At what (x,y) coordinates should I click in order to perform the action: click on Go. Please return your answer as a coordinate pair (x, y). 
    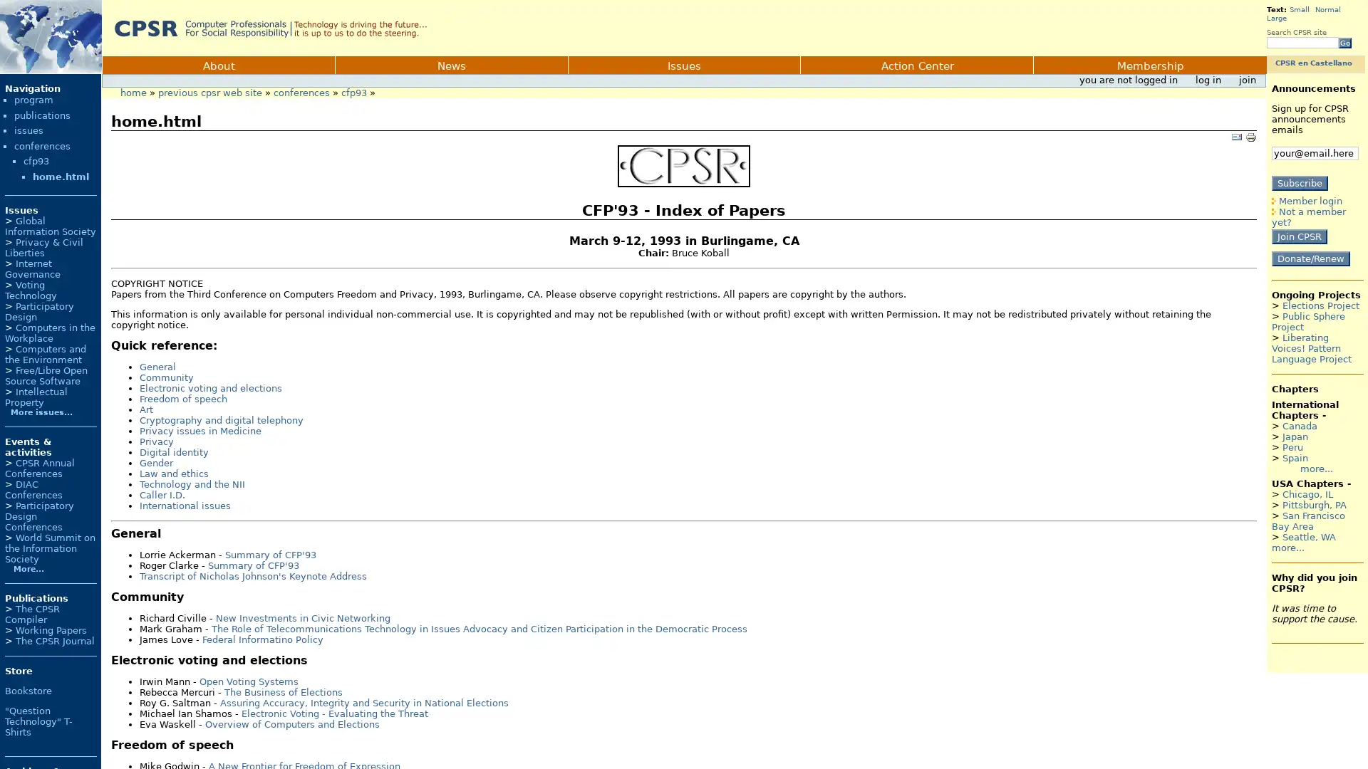
    Looking at the image, I should click on (1344, 42).